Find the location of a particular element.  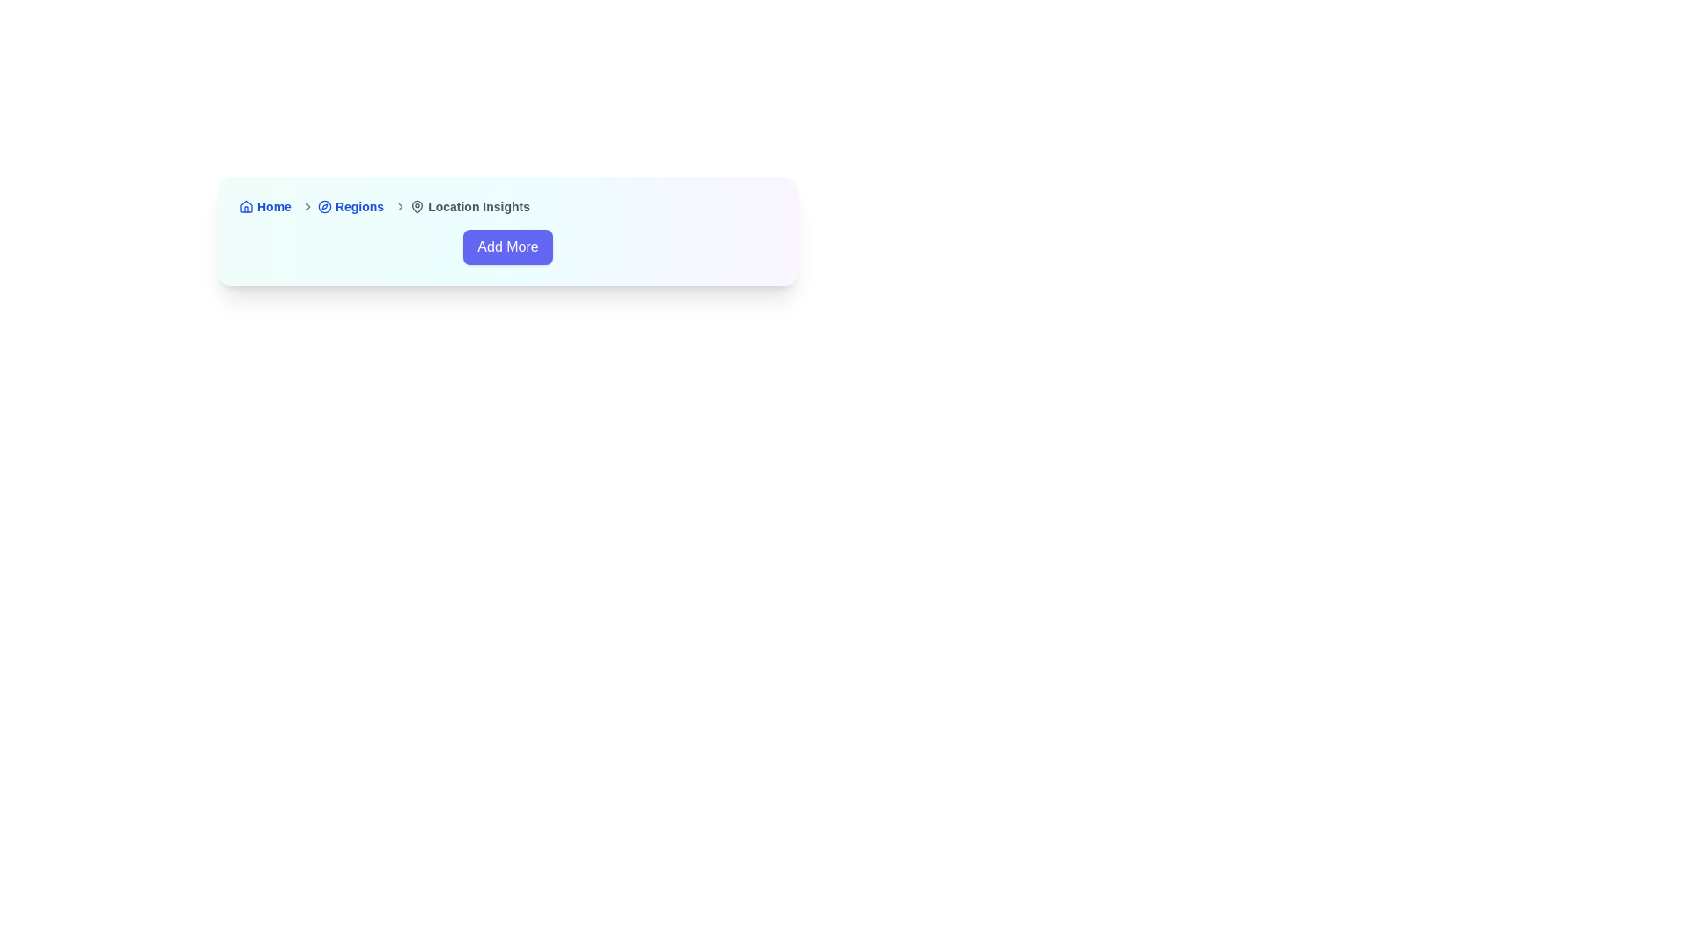

the 'Regions' breadcrumb navigation link, which is styled with bold, blue text and has a compass icon to its left is located at coordinates (341, 206).